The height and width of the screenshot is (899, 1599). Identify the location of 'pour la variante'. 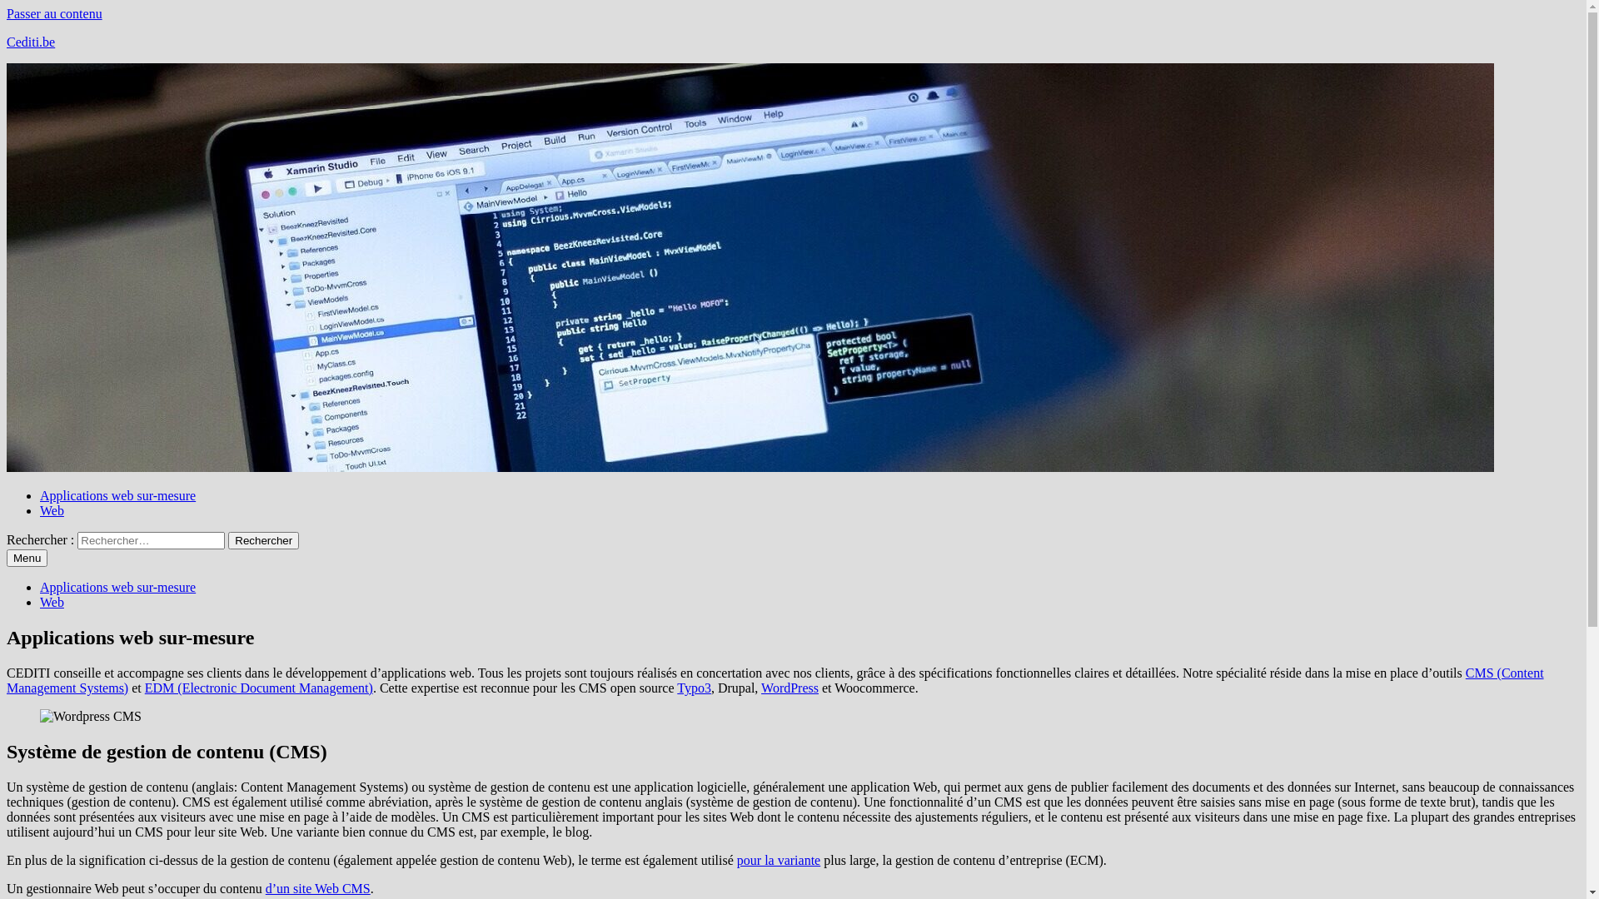
(778, 860).